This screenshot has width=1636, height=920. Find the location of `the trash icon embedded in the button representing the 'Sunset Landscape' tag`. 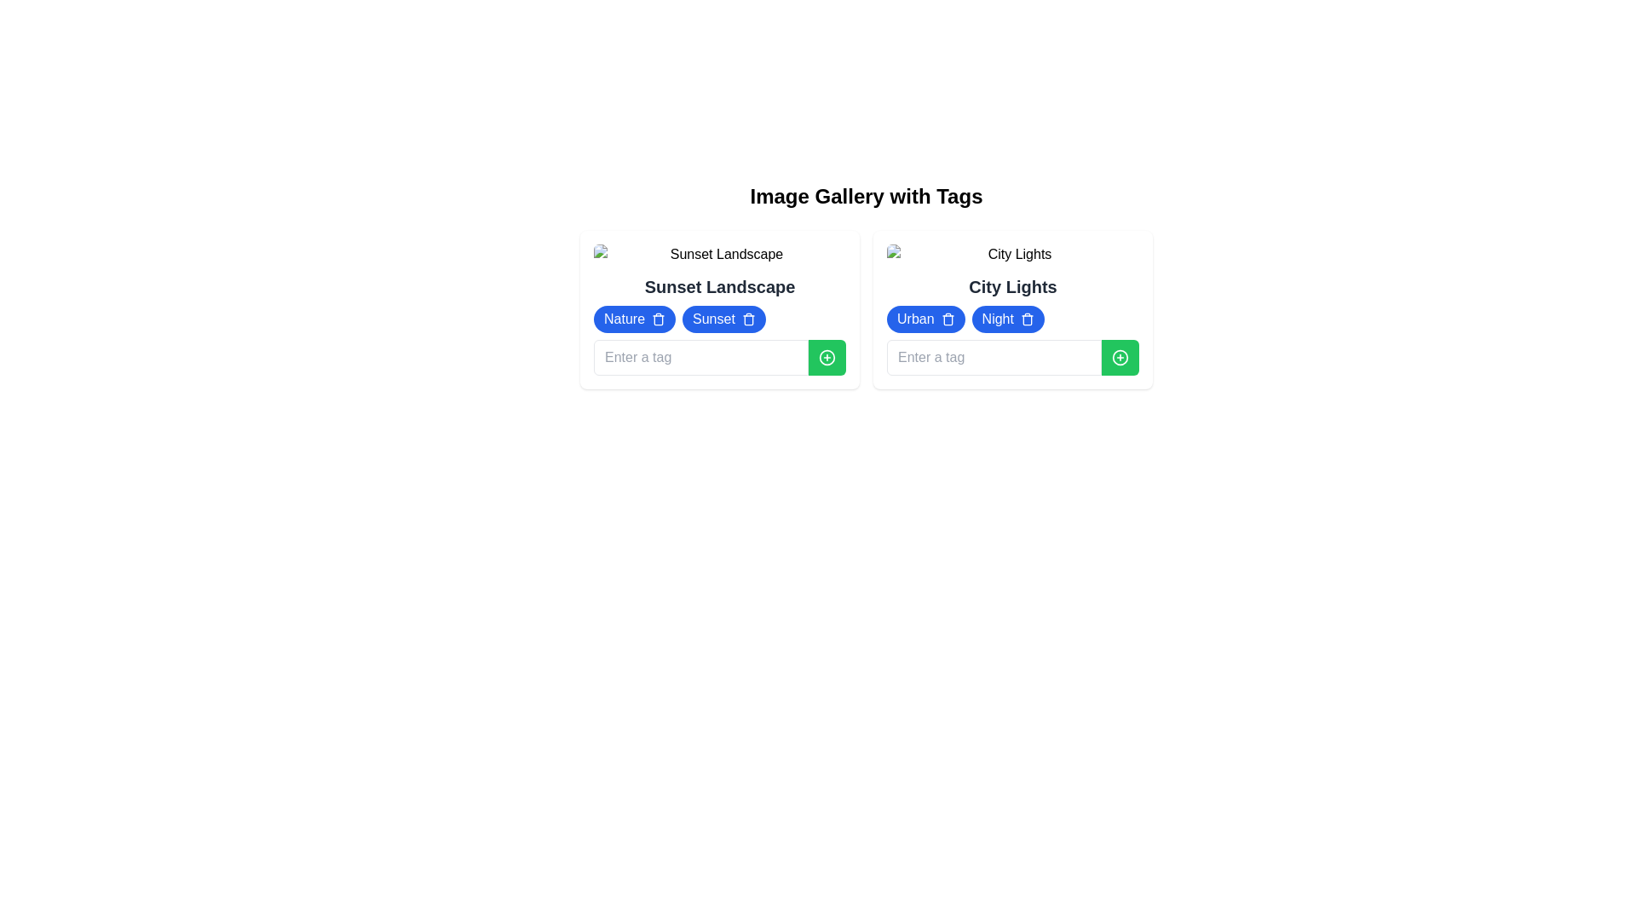

the trash icon embedded in the button representing the 'Sunset Landscape' tag is located at coordinates (723, 319).